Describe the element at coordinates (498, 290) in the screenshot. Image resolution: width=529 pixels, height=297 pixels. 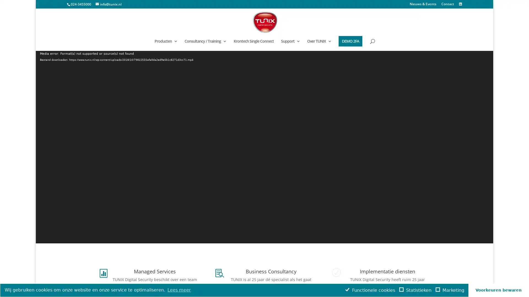
I see `Voorkeuren bewaren` at that location.